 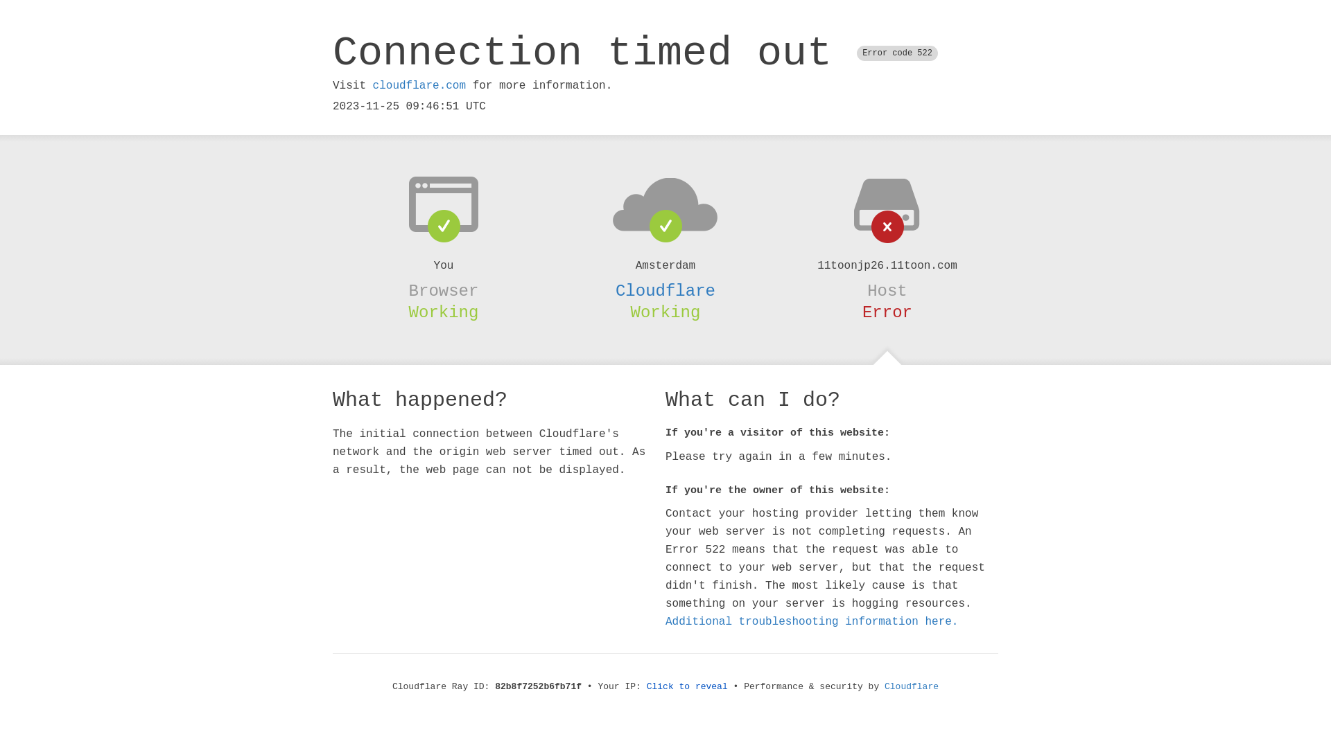 What do you see at coordinates (665, 290) in the screenshot?
I see `'Cloudflare'` at bounding box center [665, 290].